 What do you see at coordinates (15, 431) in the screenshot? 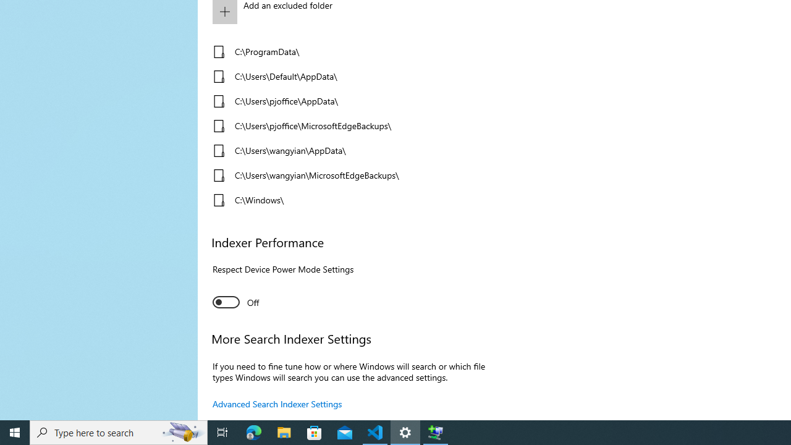
I see `'Start'` at bounding box center [15, 431].